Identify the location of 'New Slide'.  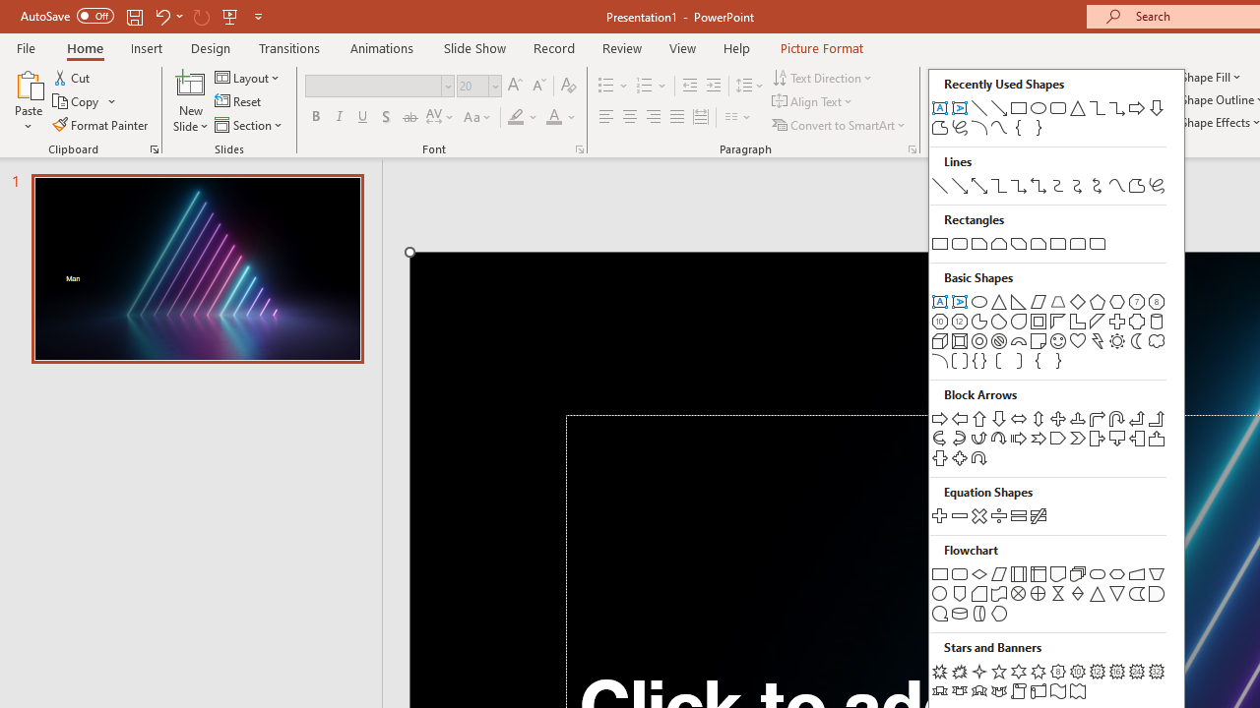
(190, 83).